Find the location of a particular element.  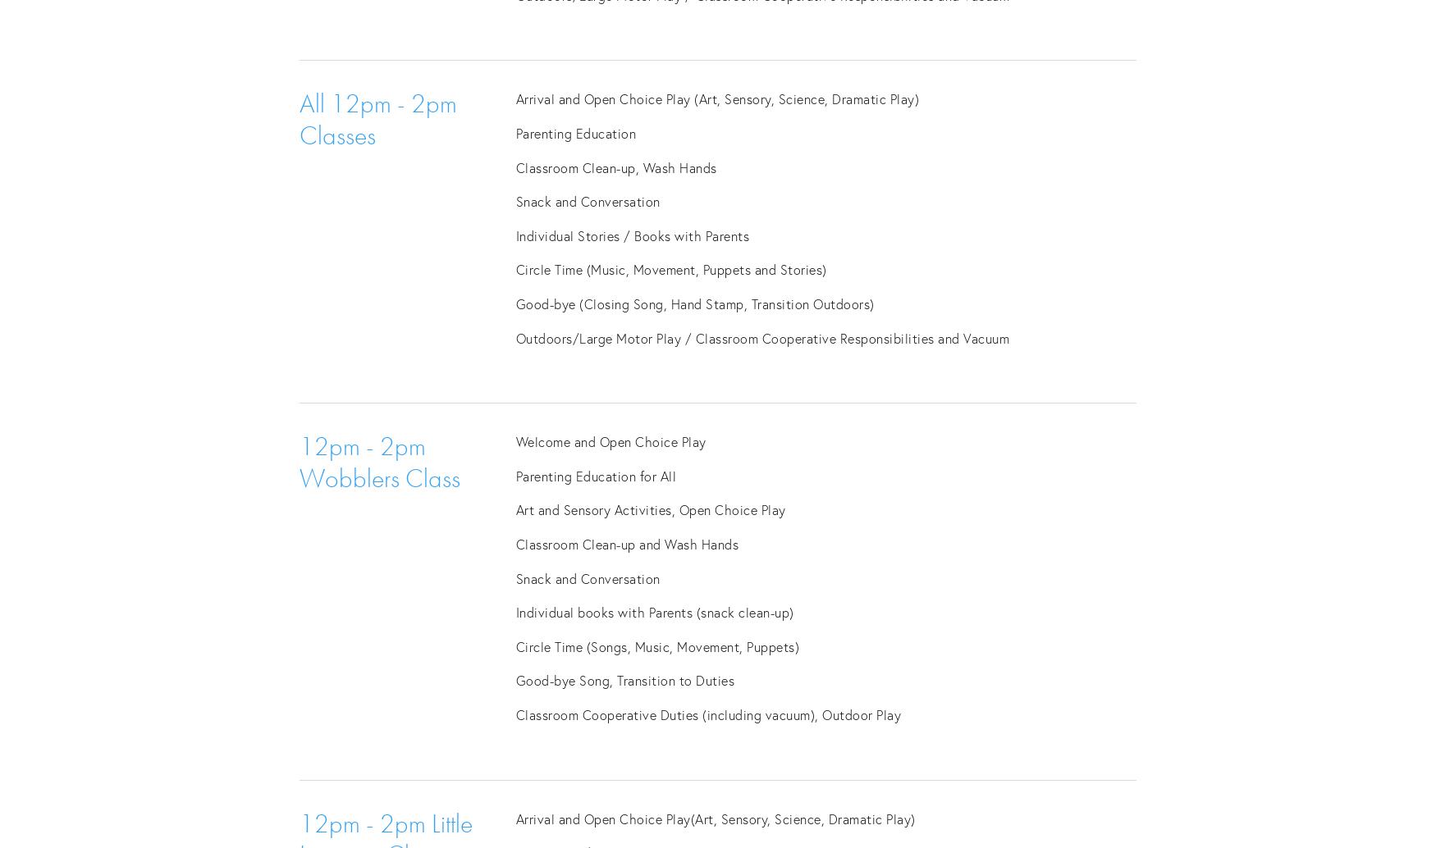

'Arrival and Open Choice Play (Art, Sensory, Science, Dramatic Play)' is located at coordinates (716, 98).